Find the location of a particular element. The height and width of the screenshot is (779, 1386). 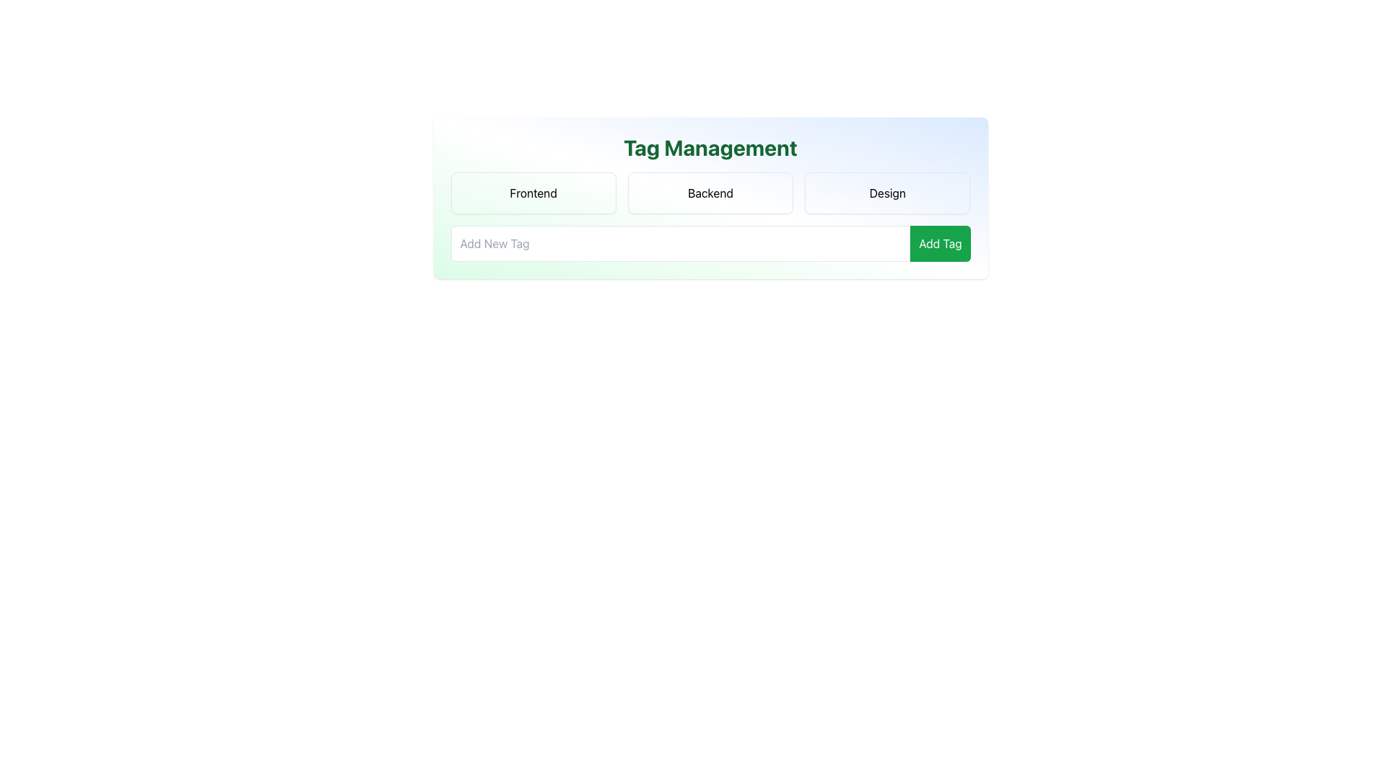

the 'Backend' category button located beneath the 'Tag Management' title is located at coordinates (710, 198).